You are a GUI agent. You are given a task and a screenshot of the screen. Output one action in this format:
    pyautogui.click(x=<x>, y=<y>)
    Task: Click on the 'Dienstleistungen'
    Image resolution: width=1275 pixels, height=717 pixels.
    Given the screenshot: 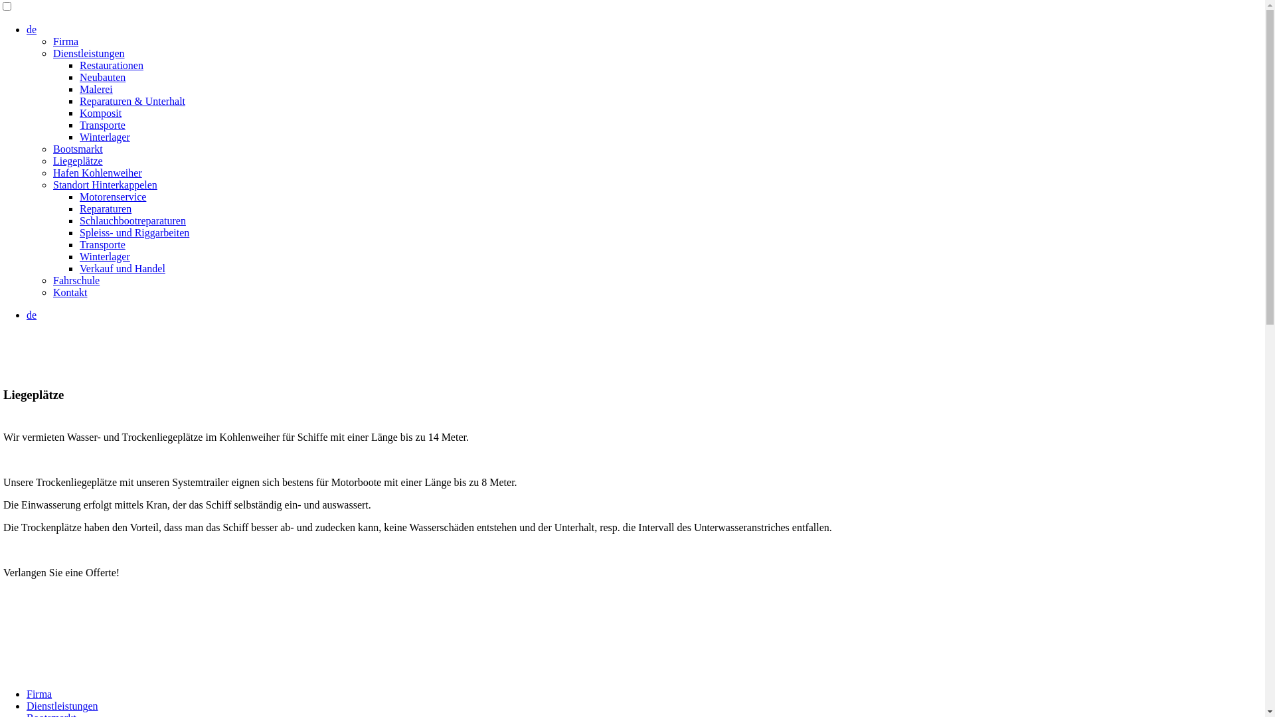 What is the action you would take?
    pyautogui.click(x=62, y=705)
    